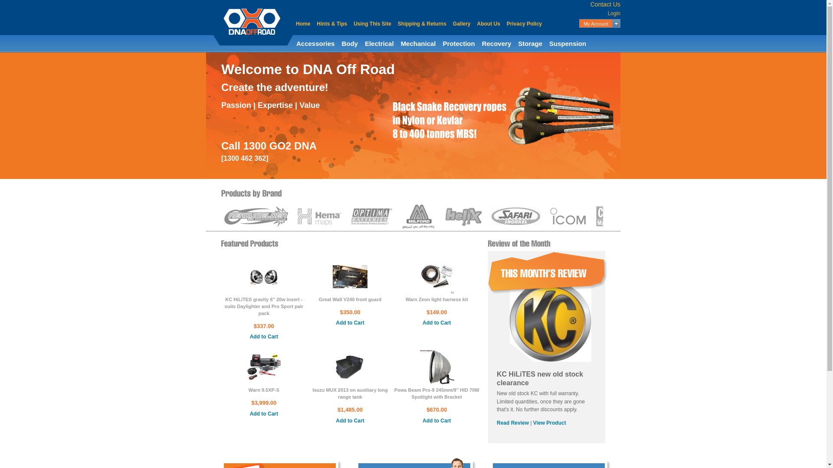 The height and width of the screenshot is (468, 833). I want to click on 'Recovery', so click(497, 43).